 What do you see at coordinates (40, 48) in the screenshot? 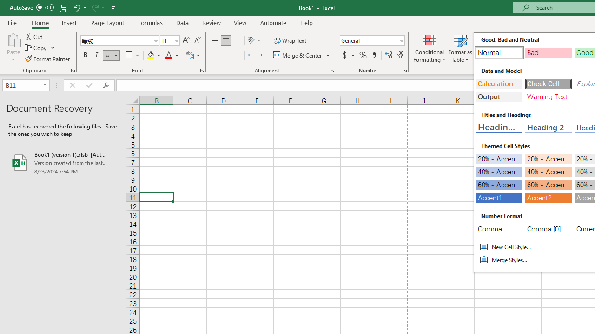
I see `'Copy'` at bounding box center [40, 48].